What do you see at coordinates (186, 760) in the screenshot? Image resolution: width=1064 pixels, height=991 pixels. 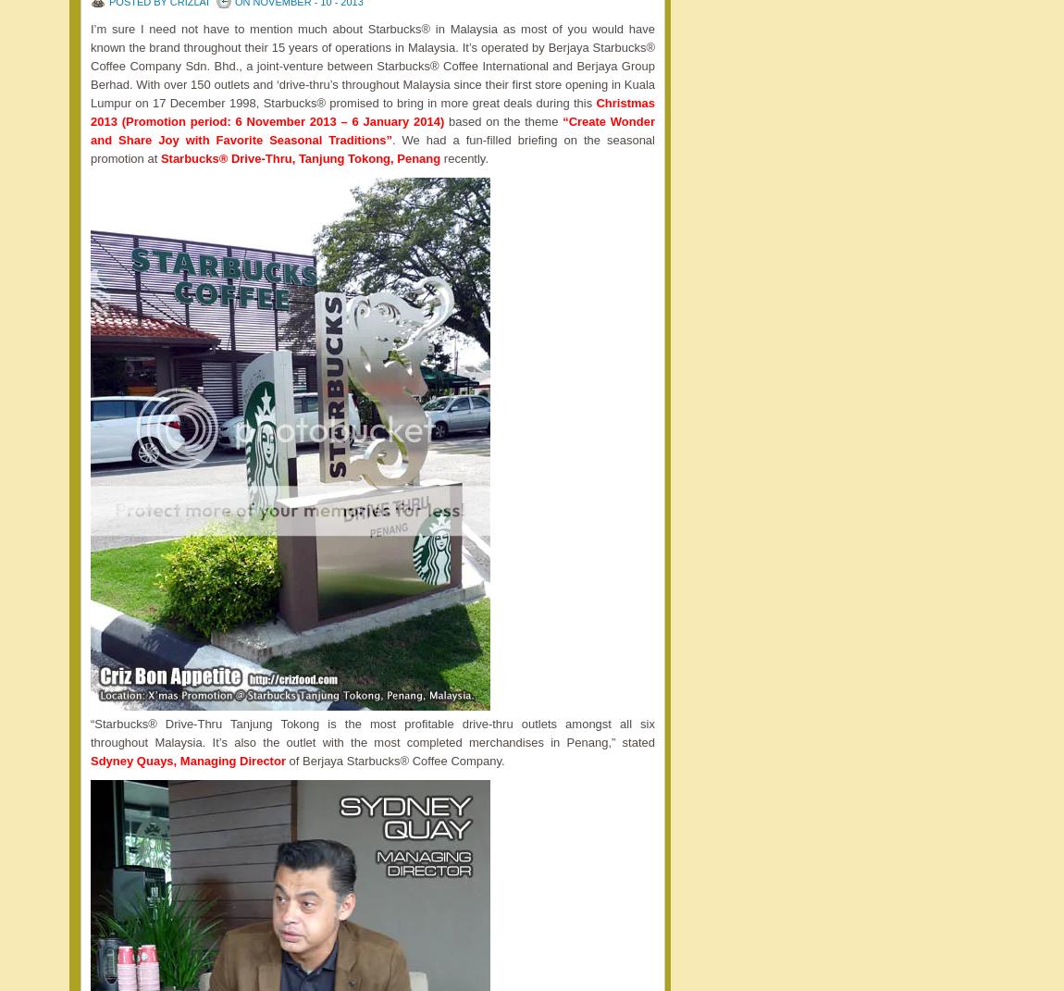 I see `'Sdyney Quays, Managing Director'` at bounding box center [186, 760].